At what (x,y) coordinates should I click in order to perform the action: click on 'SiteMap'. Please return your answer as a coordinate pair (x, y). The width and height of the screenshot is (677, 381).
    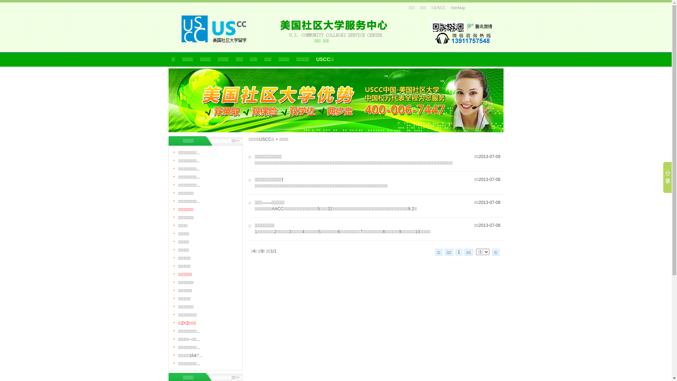
    Looking at the image, I should click on (450, 8).